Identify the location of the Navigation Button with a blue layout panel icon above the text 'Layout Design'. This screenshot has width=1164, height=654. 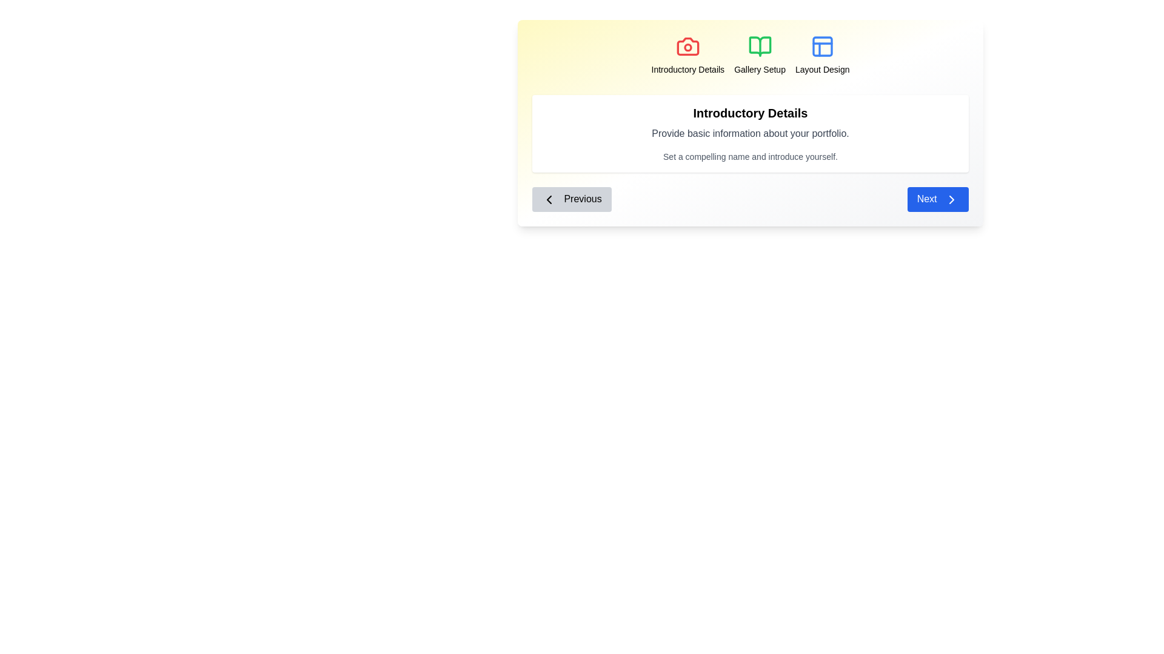
(822, 55).